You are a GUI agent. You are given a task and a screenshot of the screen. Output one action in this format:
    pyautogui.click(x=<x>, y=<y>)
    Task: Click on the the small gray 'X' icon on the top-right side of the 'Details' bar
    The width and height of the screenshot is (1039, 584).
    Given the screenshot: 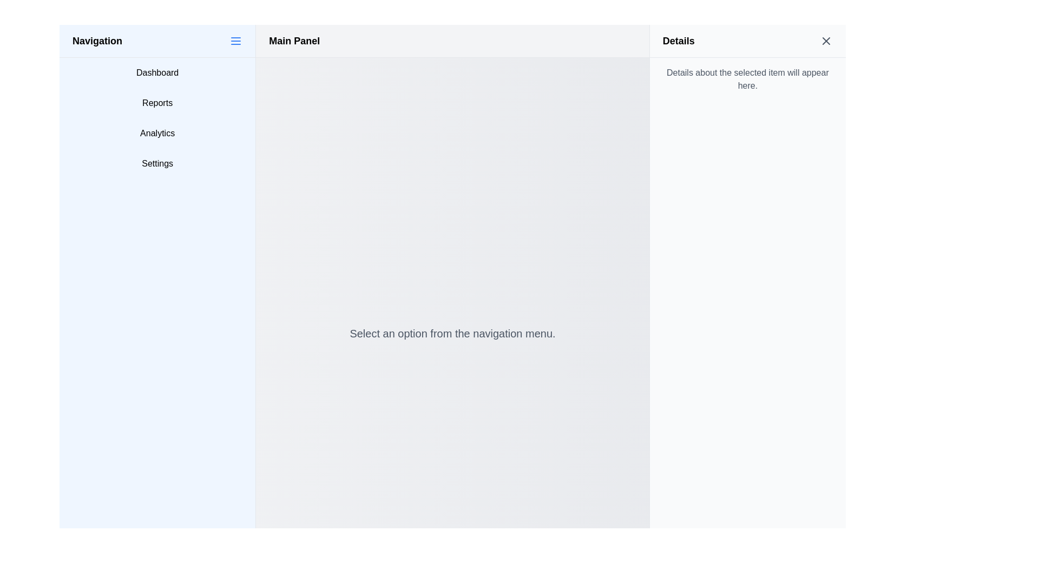 What is the action you would take?
    pyautogui.click(x=825, y=41)
    